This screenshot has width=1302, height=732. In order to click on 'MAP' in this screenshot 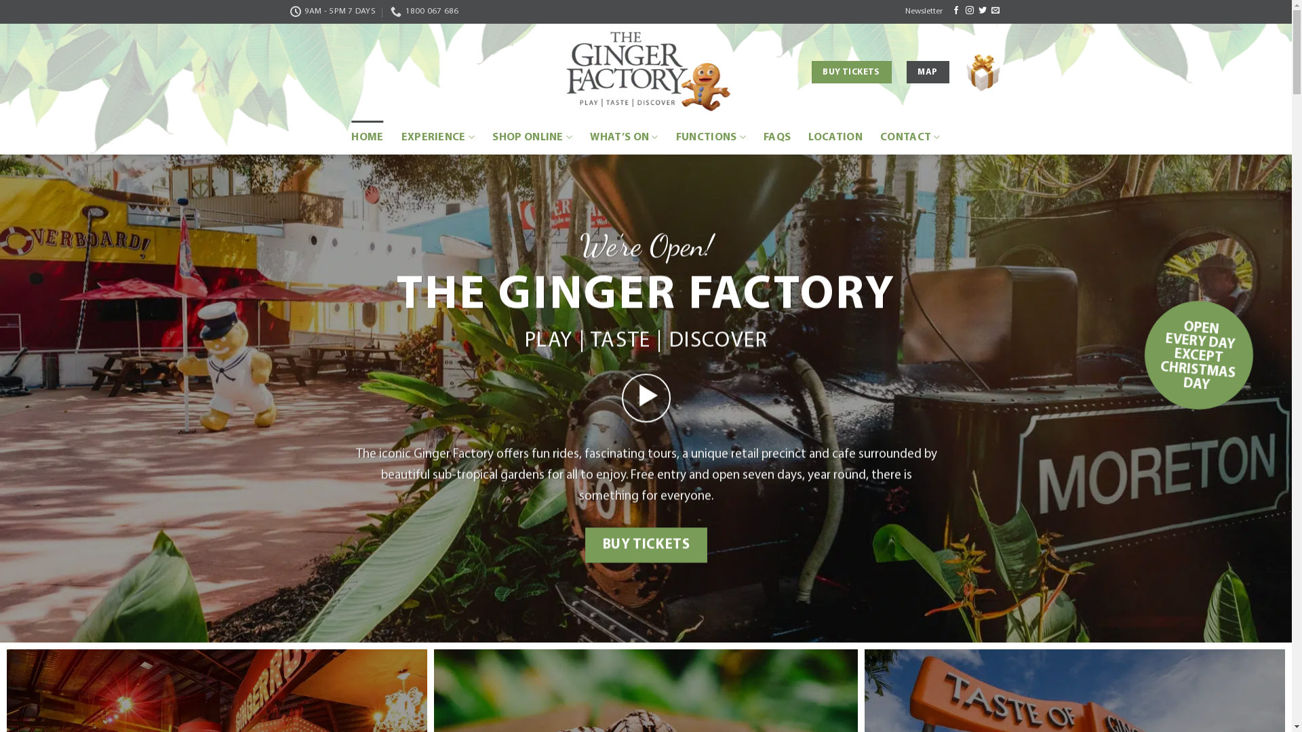, I will do `click(927, 73)`.